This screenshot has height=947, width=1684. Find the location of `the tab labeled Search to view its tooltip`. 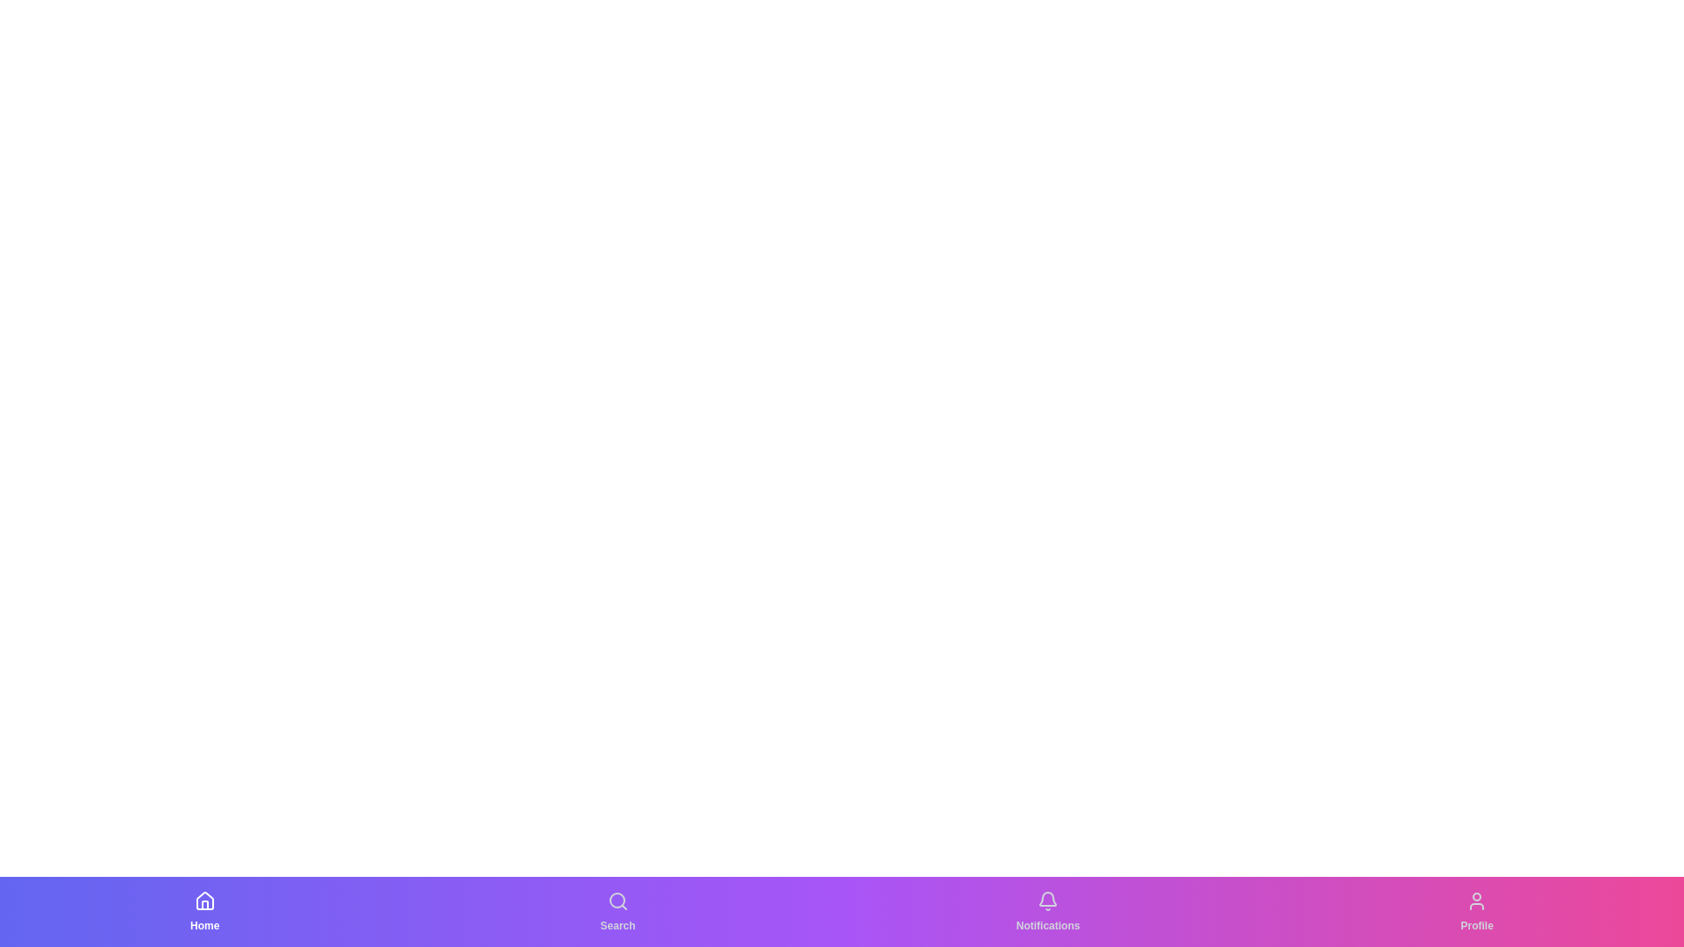

the tab labeled Search to view its tooltip is located at coordinates (617, 911).